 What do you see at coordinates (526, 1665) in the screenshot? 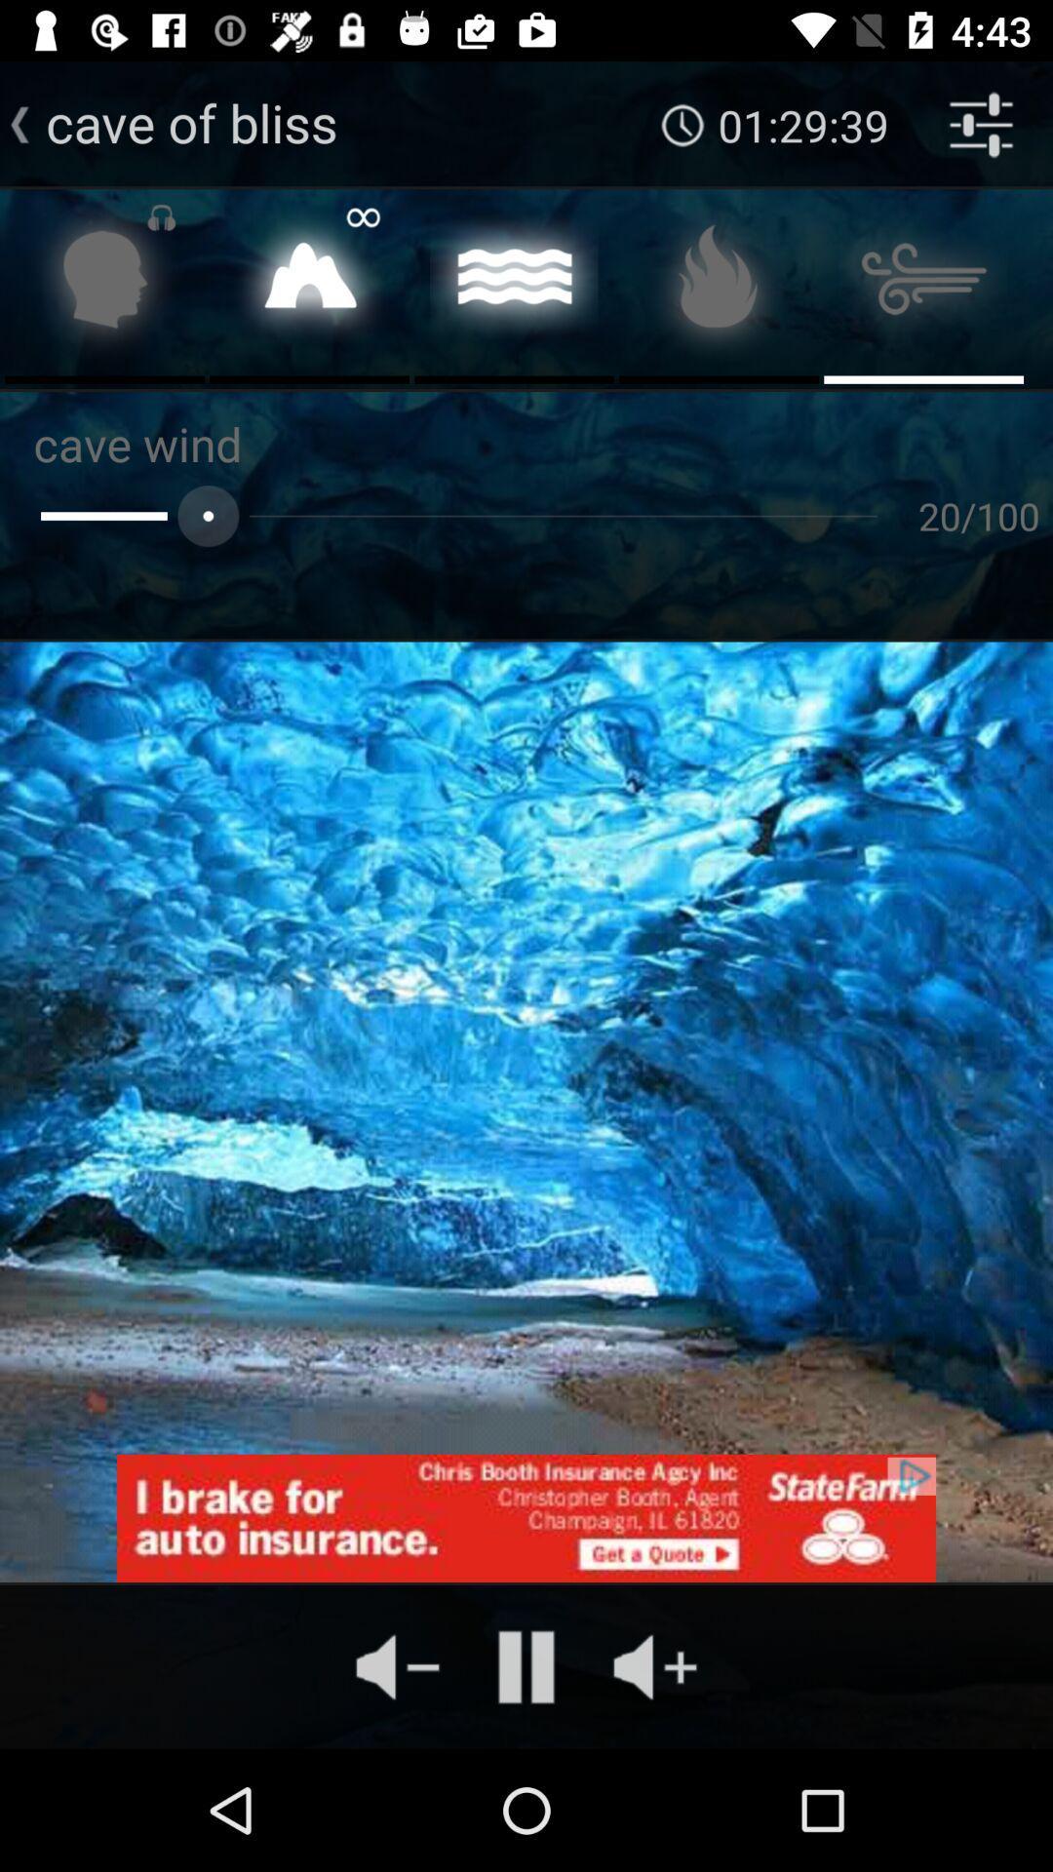
I see `the pause icon` at bounding box center [526, 1665].